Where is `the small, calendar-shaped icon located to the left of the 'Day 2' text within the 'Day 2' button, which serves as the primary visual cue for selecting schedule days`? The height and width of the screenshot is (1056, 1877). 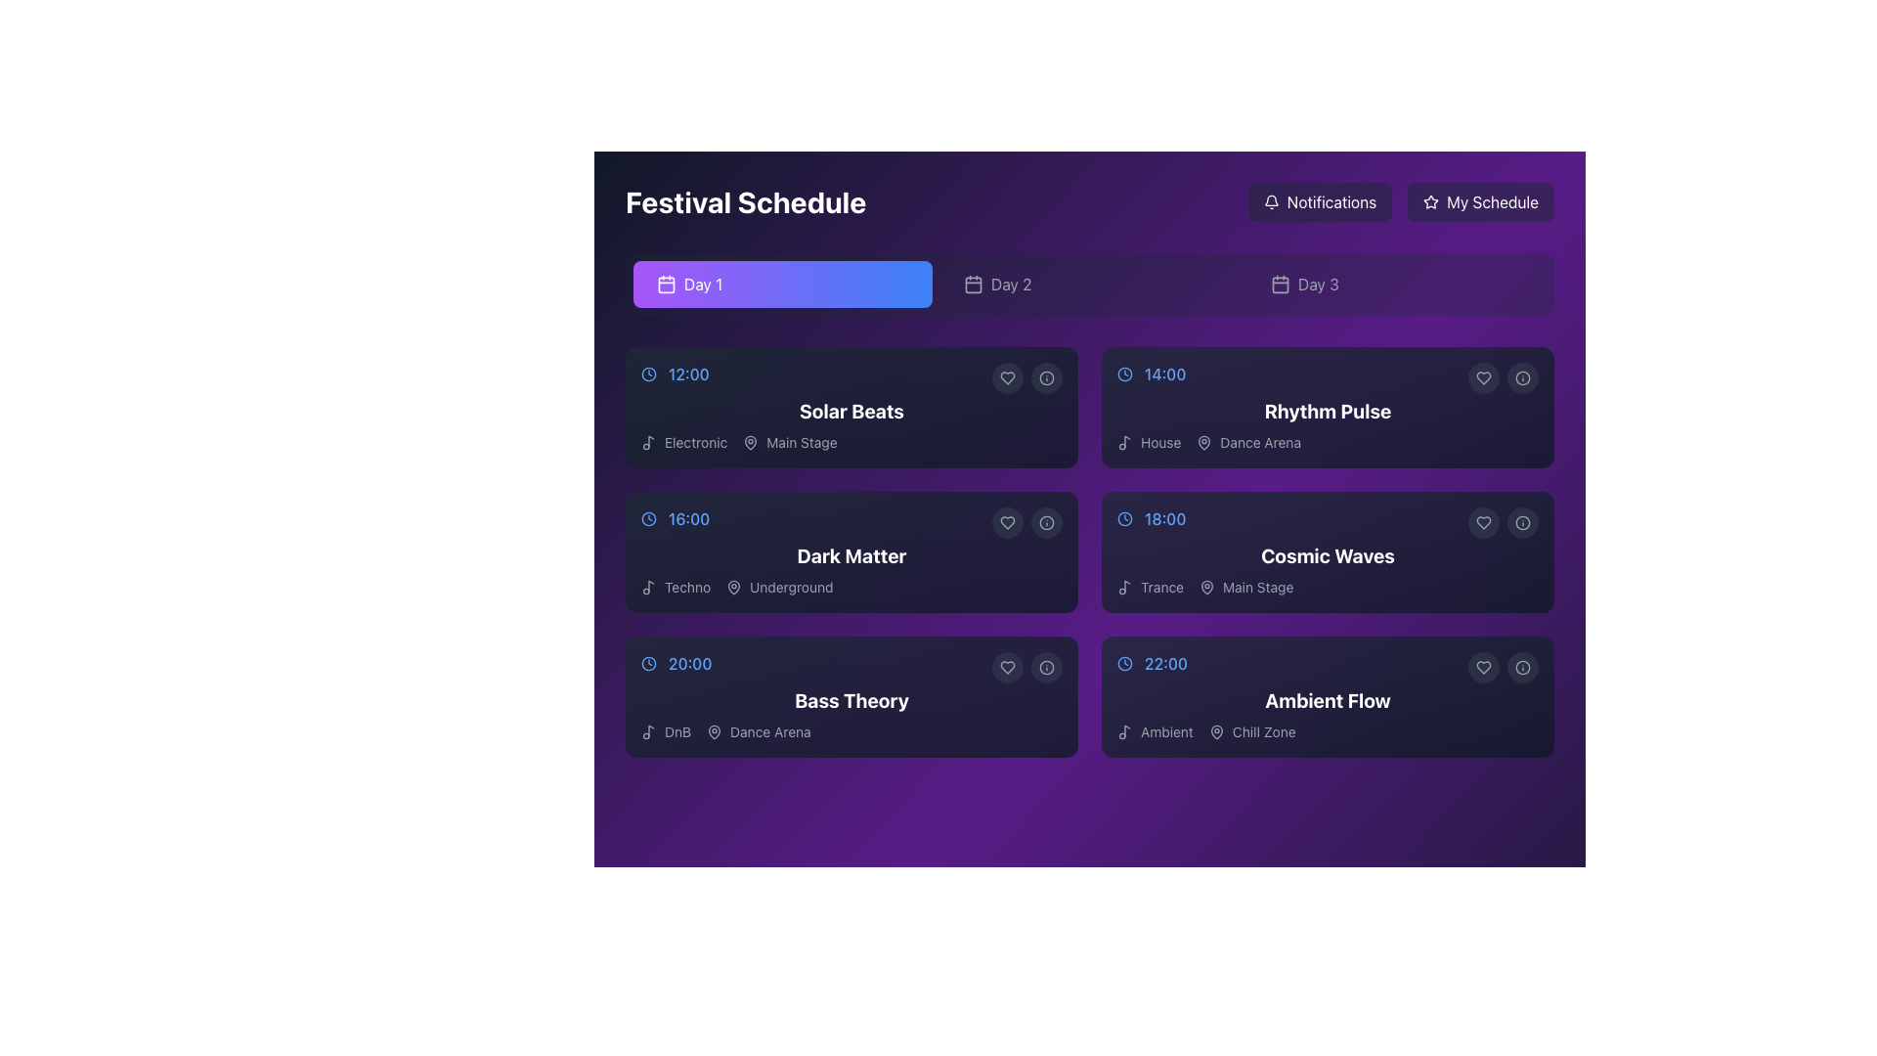
the small, calendar-shaped icon located to the left of the 'Day 2' text within the 'Day 2' button, which serves as the primary visual cue for selecting schedule days is located at coordinates (974, 284).